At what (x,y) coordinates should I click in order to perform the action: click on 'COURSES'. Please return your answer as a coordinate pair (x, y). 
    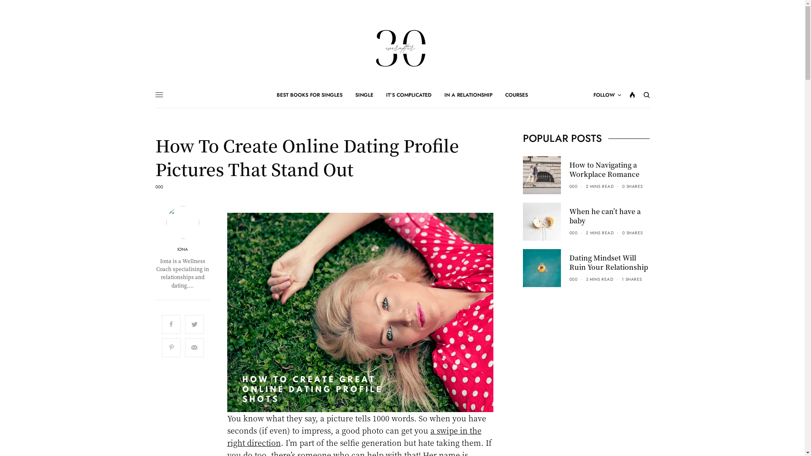
    Looking at the image, I should click on (505, 95).